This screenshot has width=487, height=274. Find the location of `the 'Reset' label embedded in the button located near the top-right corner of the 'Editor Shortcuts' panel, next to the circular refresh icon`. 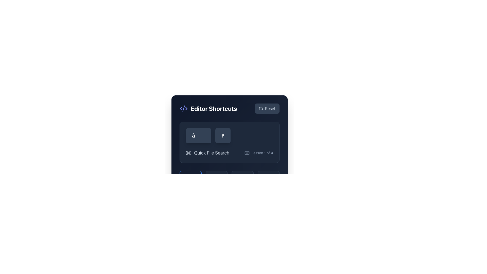

the 'Reset' label embedded in the button located near the top-right corner of the 'Editor Shortcuts' panel, next to the circular refresh icon is located at coordinates (270, 108).